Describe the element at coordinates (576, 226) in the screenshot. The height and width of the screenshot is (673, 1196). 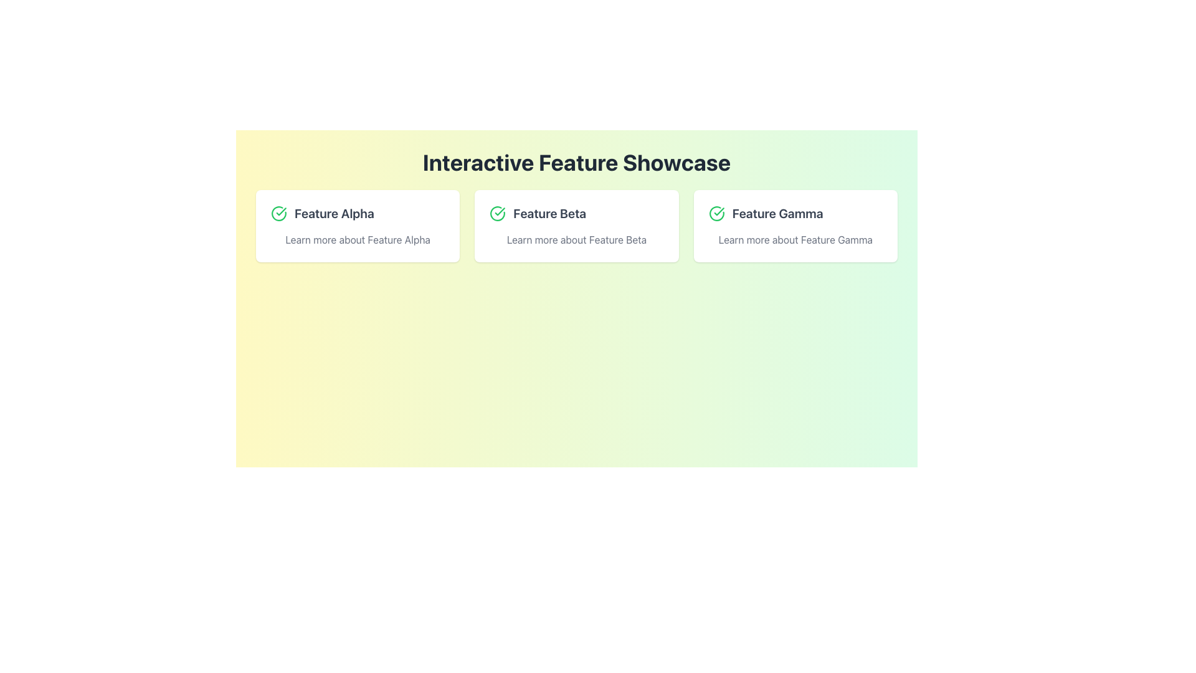
I see `the Informational Card that highlights the 'Feature Beta' functionality, positioned in the middle of the row of three feature cards` at that location.